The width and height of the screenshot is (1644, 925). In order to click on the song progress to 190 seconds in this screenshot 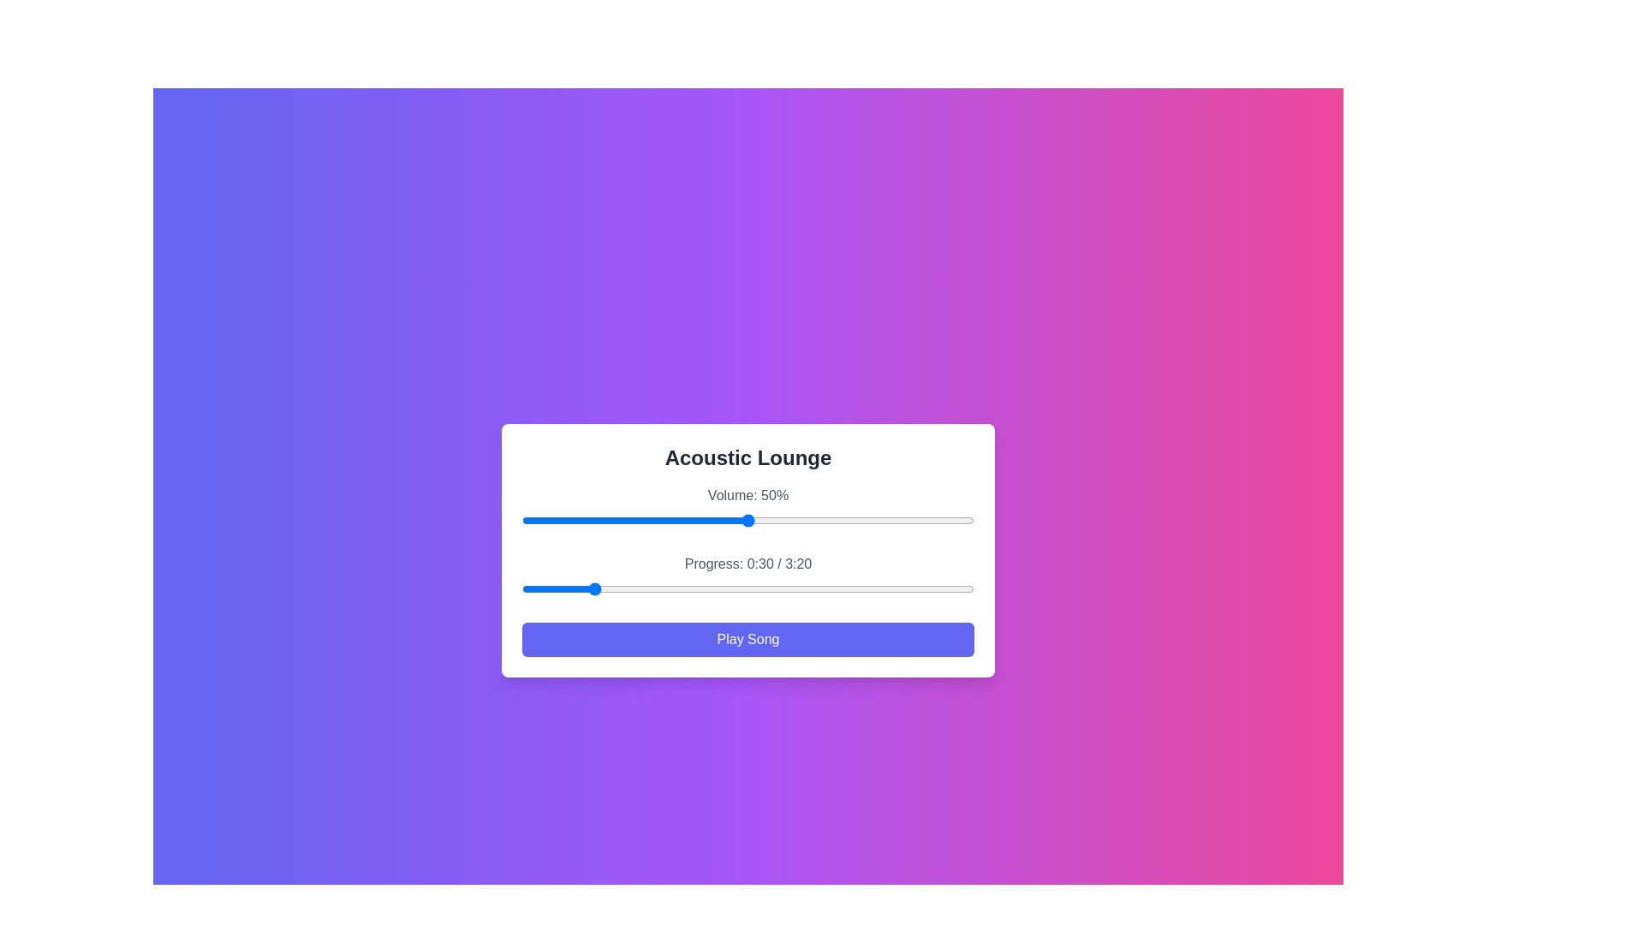, I will do `click(950, 588)`.